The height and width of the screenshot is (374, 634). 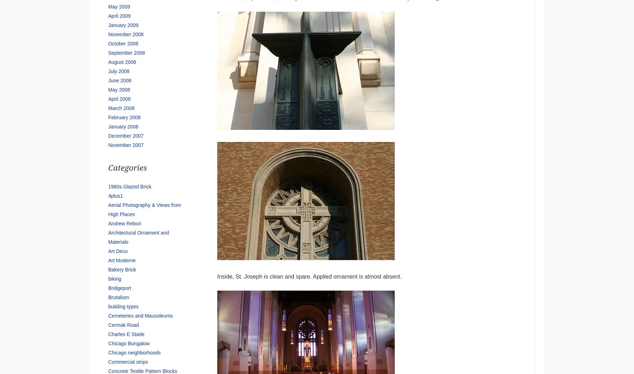 I want to click on 'Art Deco', so click(x=117, y=251).